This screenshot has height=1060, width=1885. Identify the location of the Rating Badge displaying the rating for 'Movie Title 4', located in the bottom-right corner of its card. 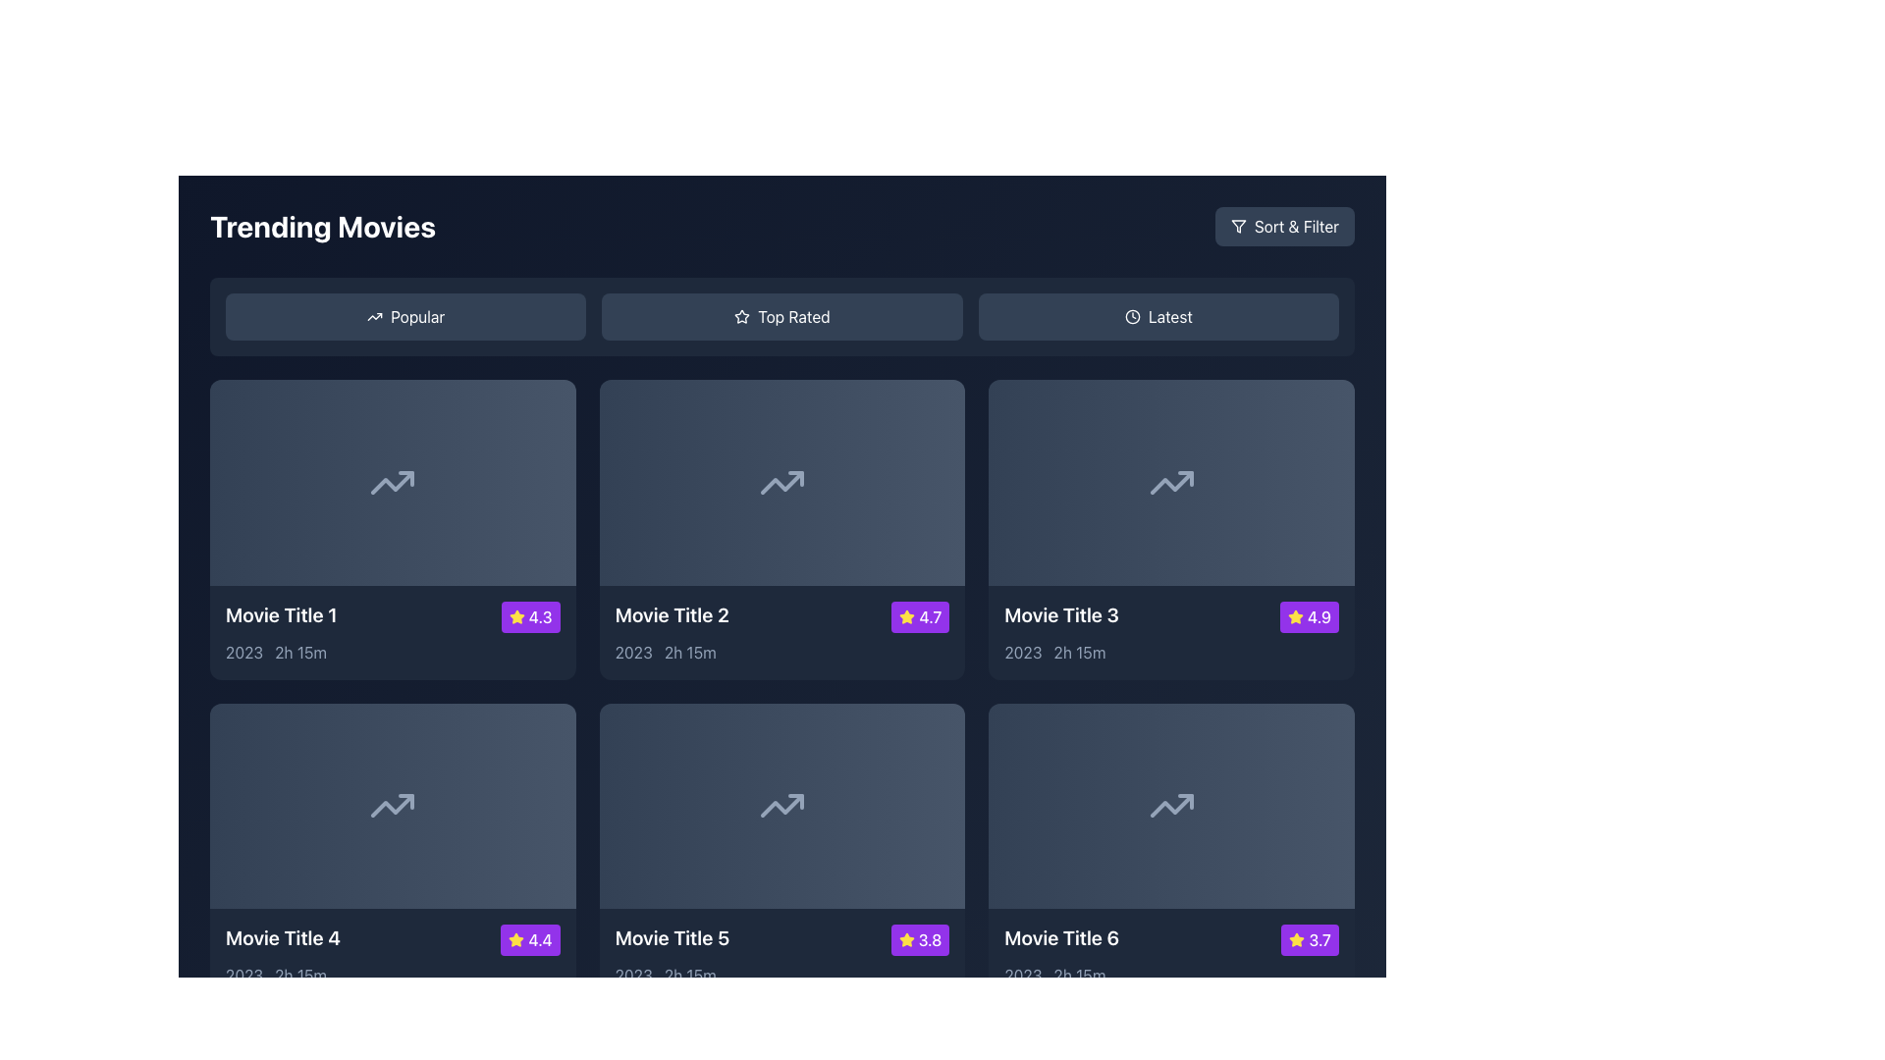
(530, 939).